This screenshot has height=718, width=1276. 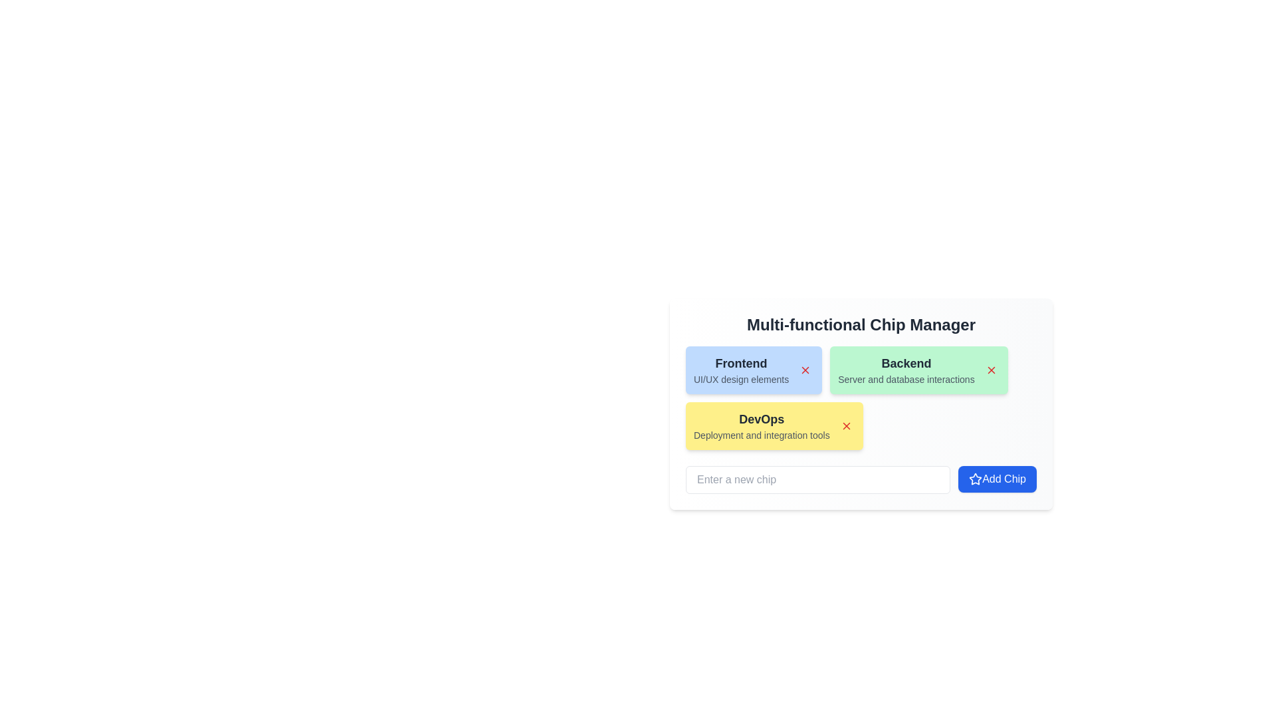 What do you see at coordinates (905, 370) in the screenshot?
I see `the 'Backend' text label, which provides information about server and database interactions, located in a green card in the middle-right section of the interface` at bounding box center [905, 370].